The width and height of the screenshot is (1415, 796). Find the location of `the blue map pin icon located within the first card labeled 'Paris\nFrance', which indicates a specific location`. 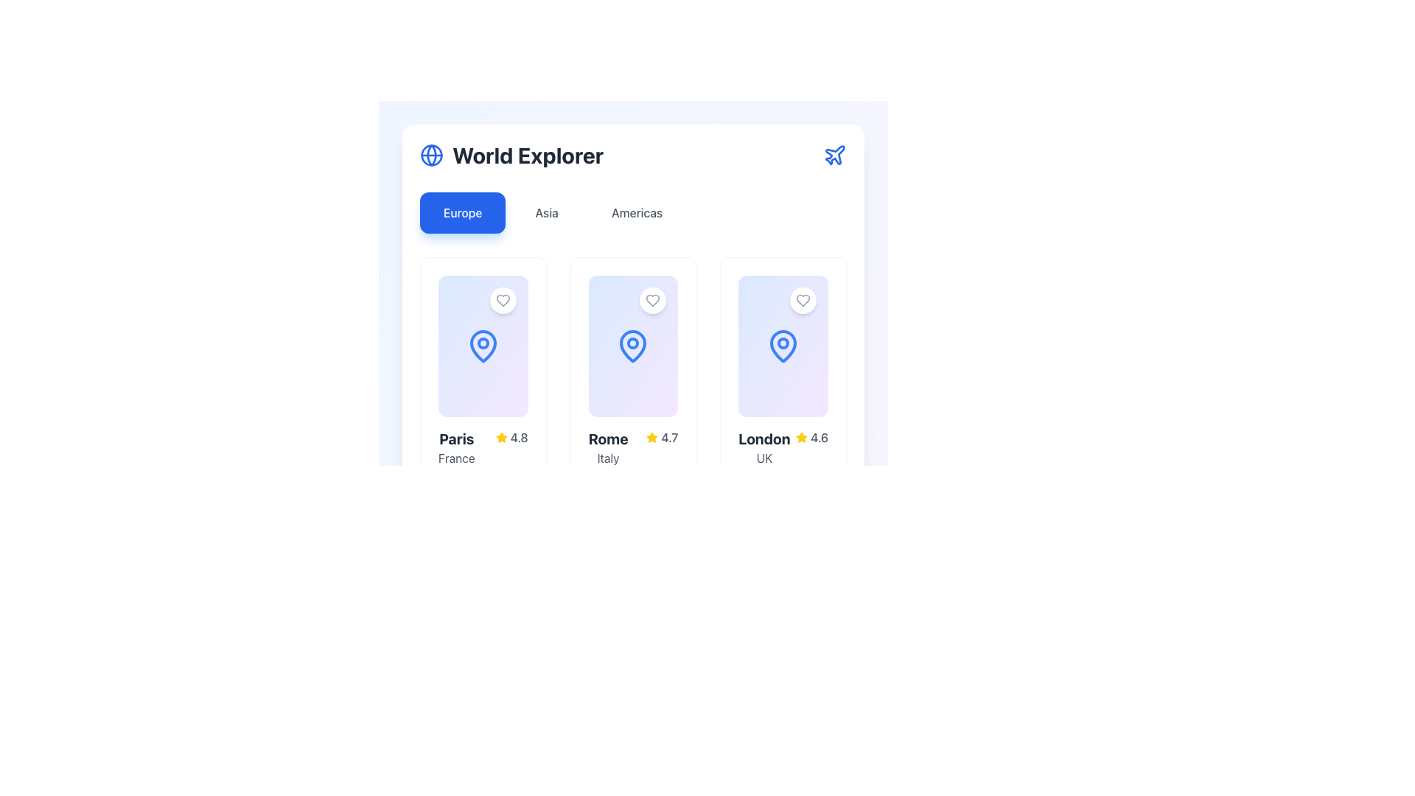

the blue map pin icon located within the first card labeled 'Paris\nFrance', which indicates a specific location is located at coordinates (483, 346).